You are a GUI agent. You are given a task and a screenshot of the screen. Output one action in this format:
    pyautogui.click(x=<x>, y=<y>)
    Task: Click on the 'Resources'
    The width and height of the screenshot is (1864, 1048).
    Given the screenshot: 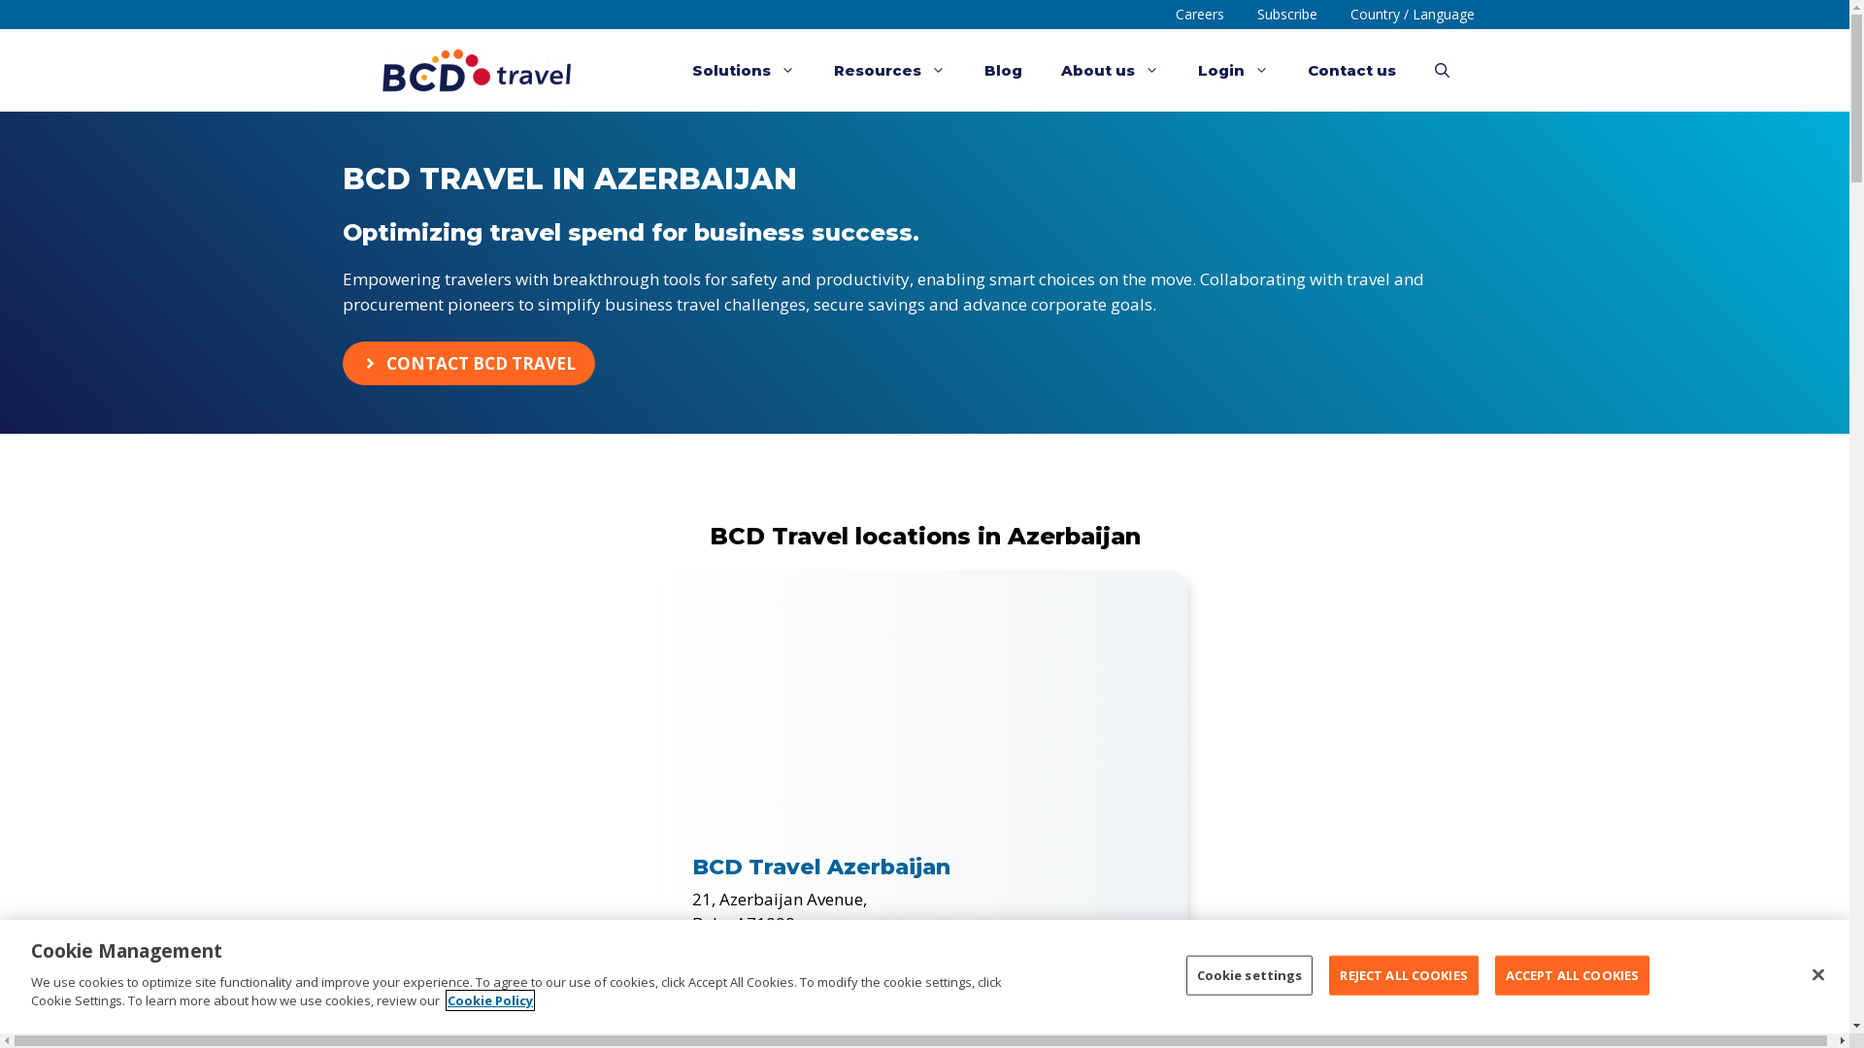 What is the action you would take?
    pyautogui.click(x=887, y=69)
    